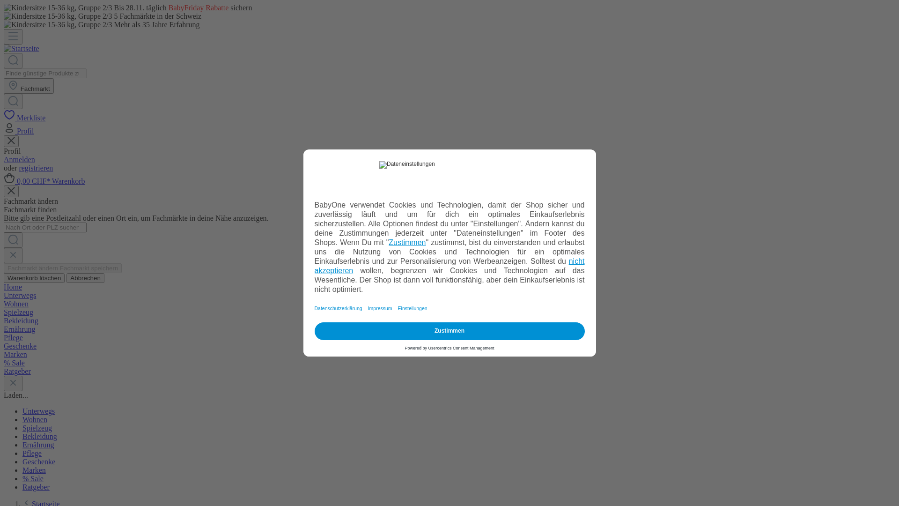  I want to click on 'Pflege', so click(32, 453).